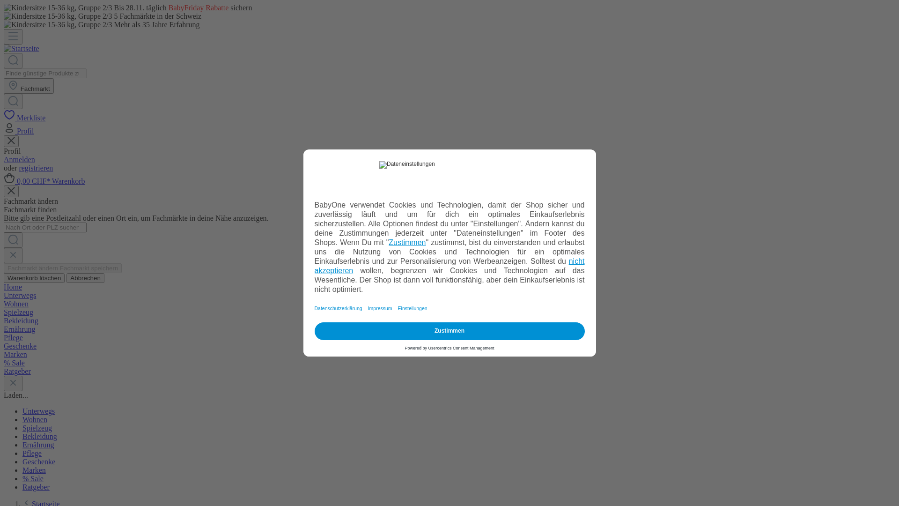  I want to click on 'Pflege', so click(32, 453).